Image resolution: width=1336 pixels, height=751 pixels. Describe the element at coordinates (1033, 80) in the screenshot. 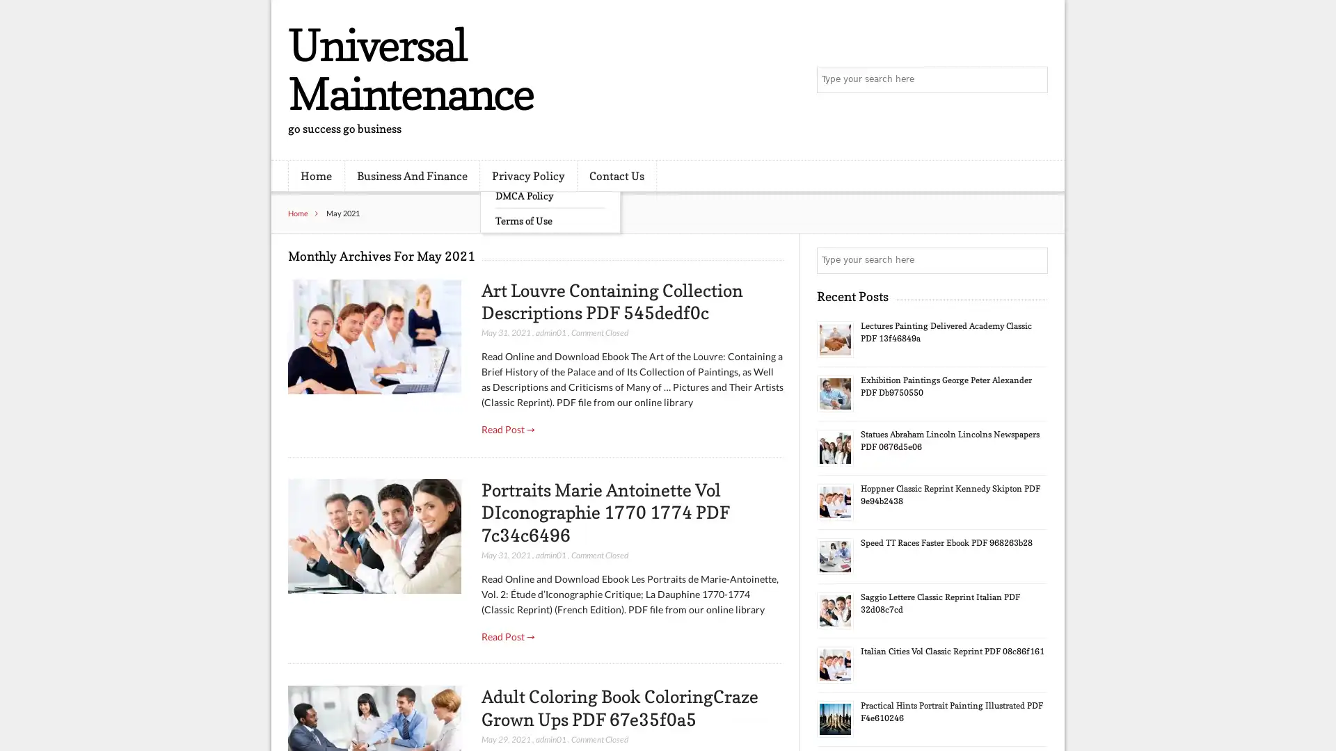

I see `Search` at that location.